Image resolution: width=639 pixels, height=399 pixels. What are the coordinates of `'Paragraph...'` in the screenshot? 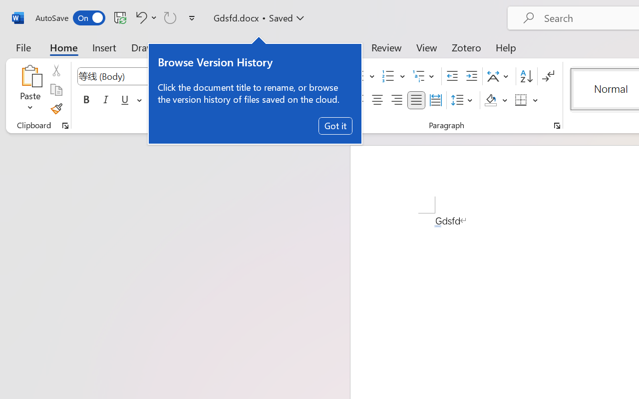 It's located at (556, 125).